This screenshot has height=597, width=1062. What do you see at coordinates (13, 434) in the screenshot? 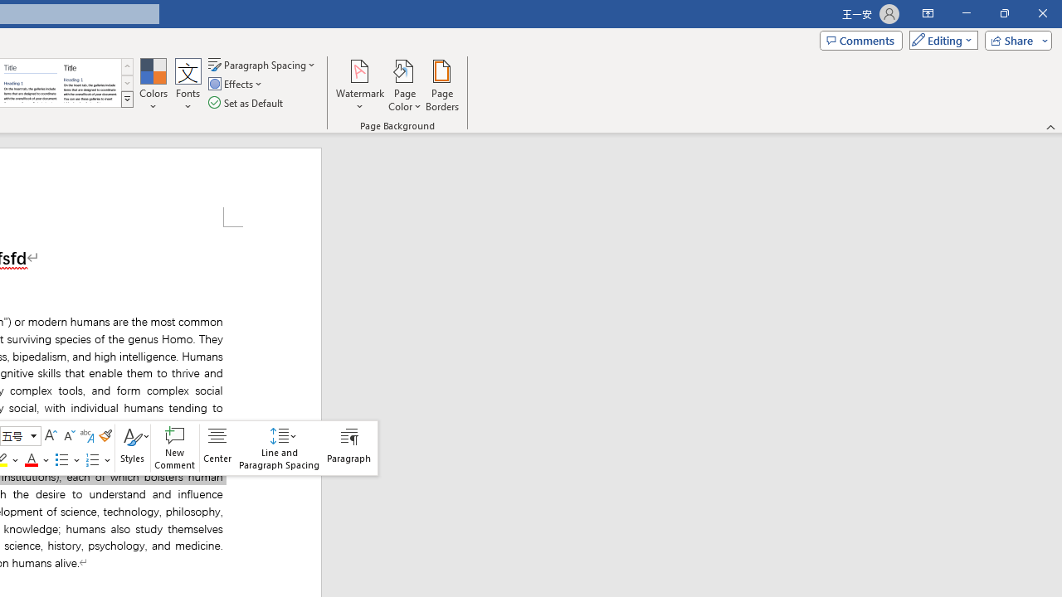
I see `'Class: NetUITextbox'` at bounding box center [13, 434].